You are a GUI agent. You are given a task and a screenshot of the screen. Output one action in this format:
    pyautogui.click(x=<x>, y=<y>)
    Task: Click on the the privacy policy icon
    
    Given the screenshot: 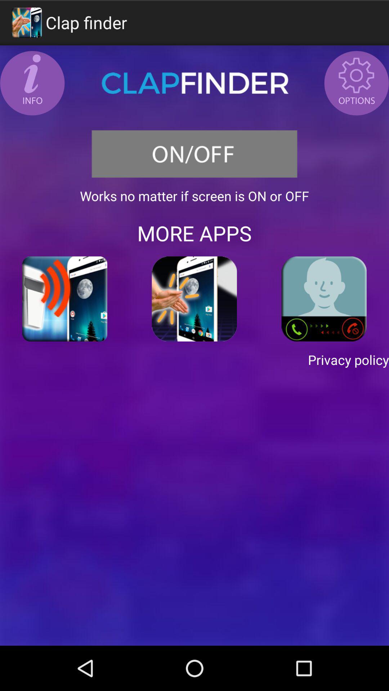 What is the action you would take?
    pyautogui.click(x=194, y=360)
    